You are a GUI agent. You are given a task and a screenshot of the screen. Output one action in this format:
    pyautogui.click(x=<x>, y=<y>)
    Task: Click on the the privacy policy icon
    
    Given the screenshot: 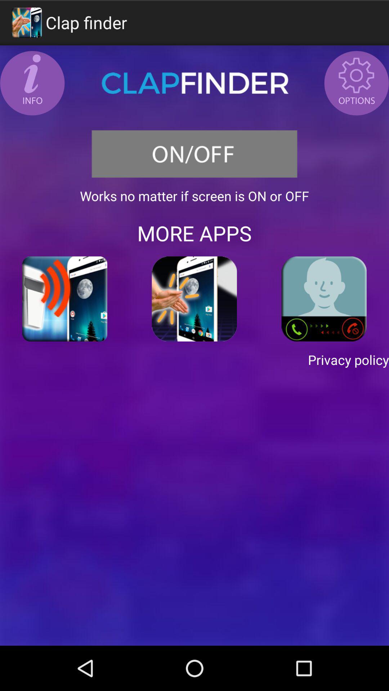 What is the action you would take?
    pyautogui.click(x=194, y=360)
    